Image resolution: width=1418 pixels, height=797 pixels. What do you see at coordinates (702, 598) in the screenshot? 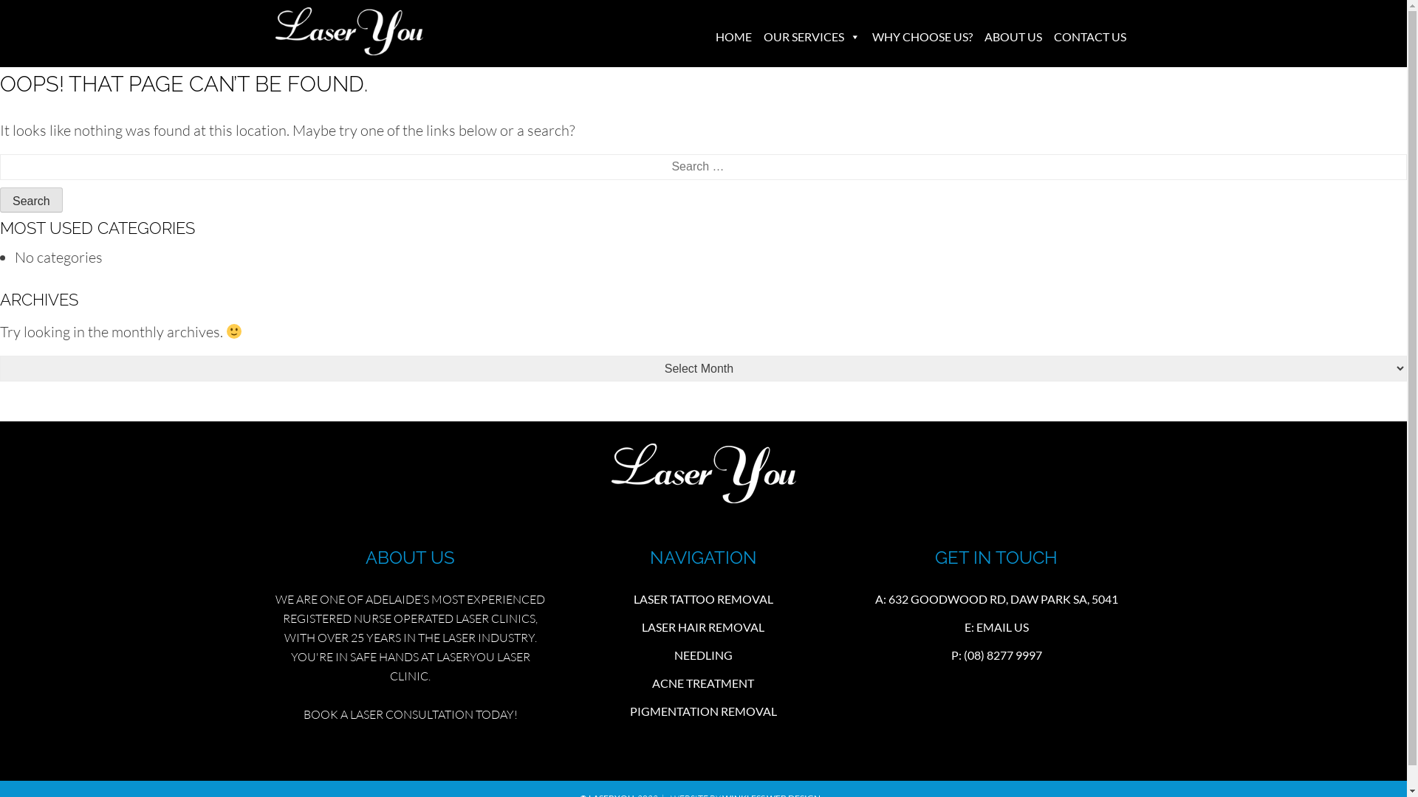
I see `'LASER TATTOO REMOVAL'` at bounding box center [702, 598].